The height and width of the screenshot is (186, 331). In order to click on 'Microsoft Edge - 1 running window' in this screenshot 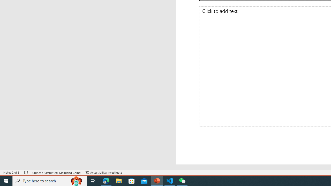, I will do `click(106, 180)`.